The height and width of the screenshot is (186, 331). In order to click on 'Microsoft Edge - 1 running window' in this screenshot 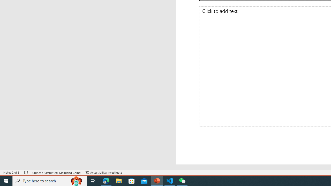, I will do `click(106, 180)`.